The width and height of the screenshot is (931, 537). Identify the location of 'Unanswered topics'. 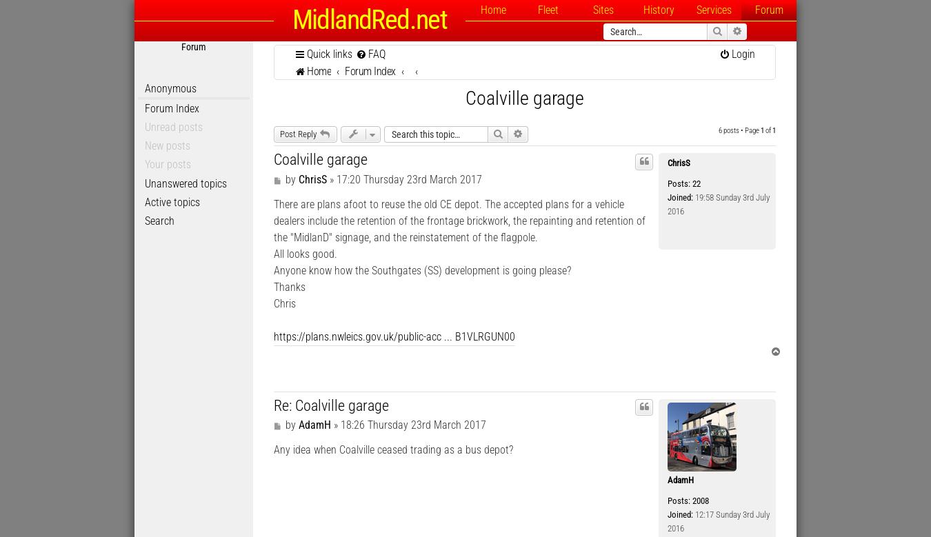
(185, 182).